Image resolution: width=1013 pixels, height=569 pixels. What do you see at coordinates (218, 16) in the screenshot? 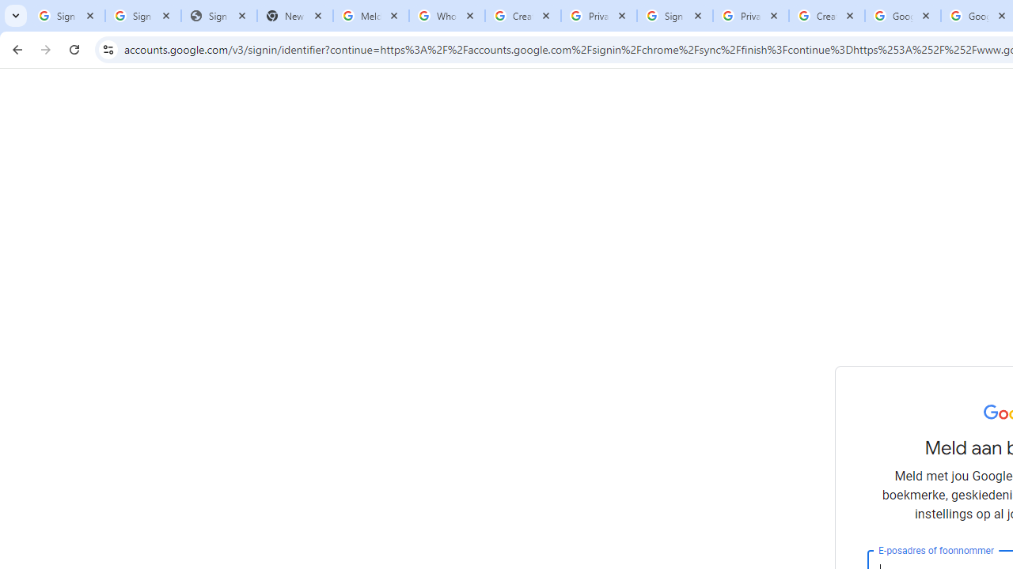
I see `'Sign In - USA TODAY'` at bounding box center [218, 16].